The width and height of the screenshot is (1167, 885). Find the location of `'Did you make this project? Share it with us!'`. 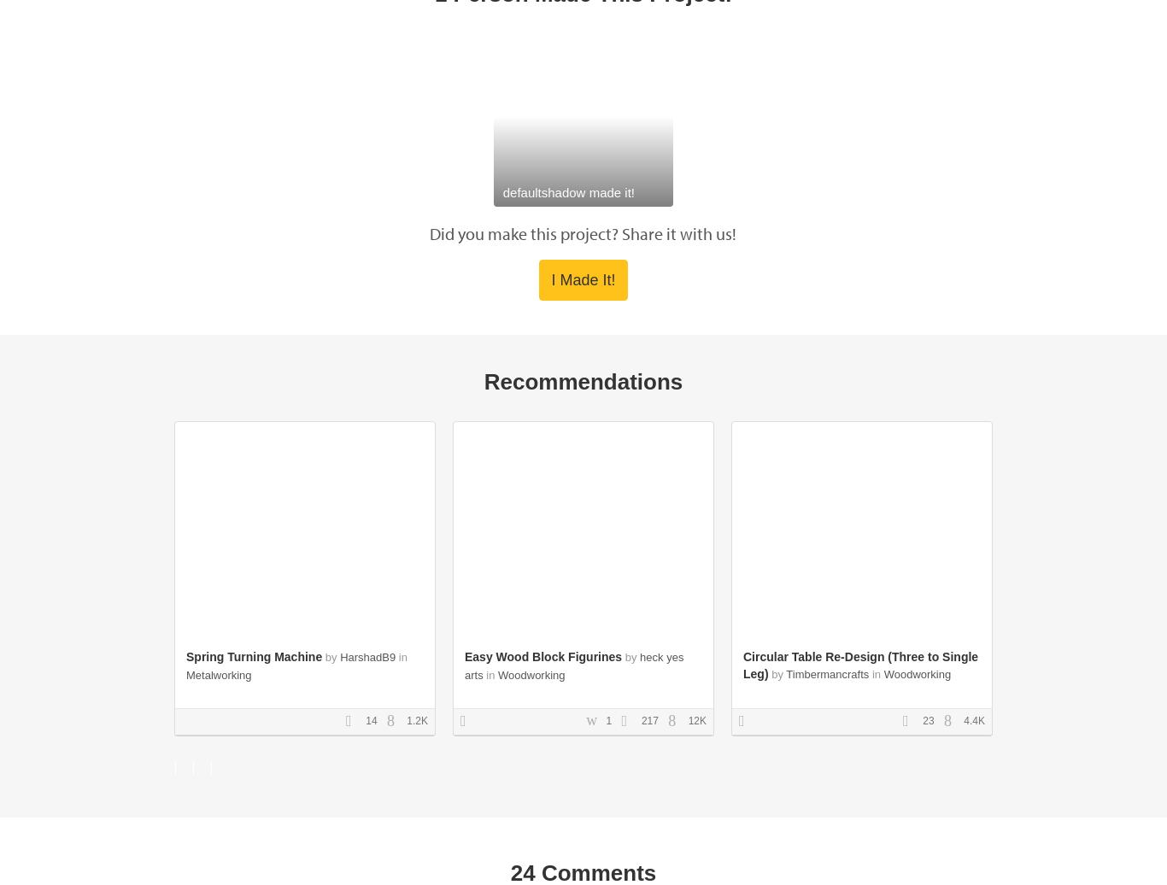

'Did you make this project? Share it with us!' is located at coordinates (582, 232).